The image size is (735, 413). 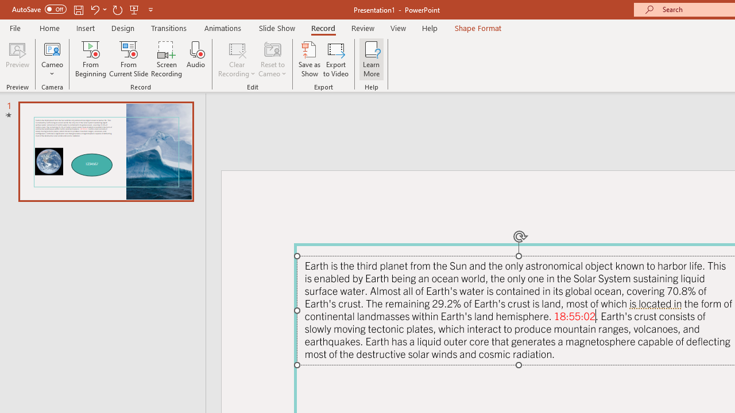 What do you see at coordinates (272, 59) in the screenshot?
I see `'Reset to Cameo'` at bounding box center [272, 59].